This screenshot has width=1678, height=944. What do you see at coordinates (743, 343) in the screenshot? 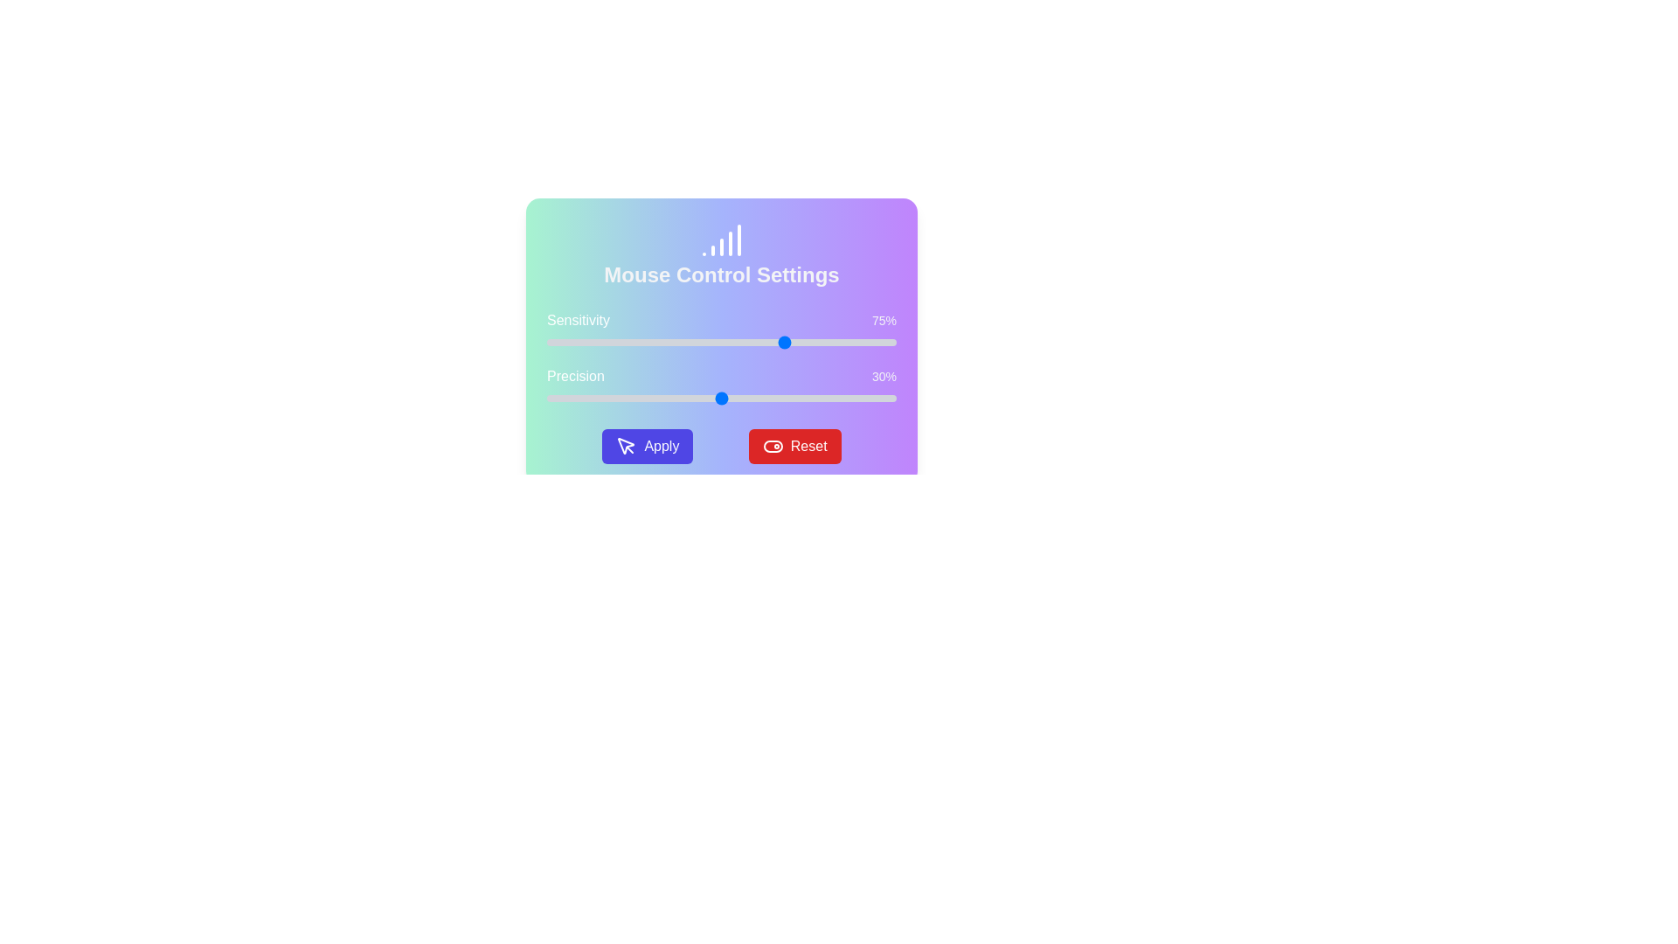
I see `the sensitivity` at bounding box center [743, 343].